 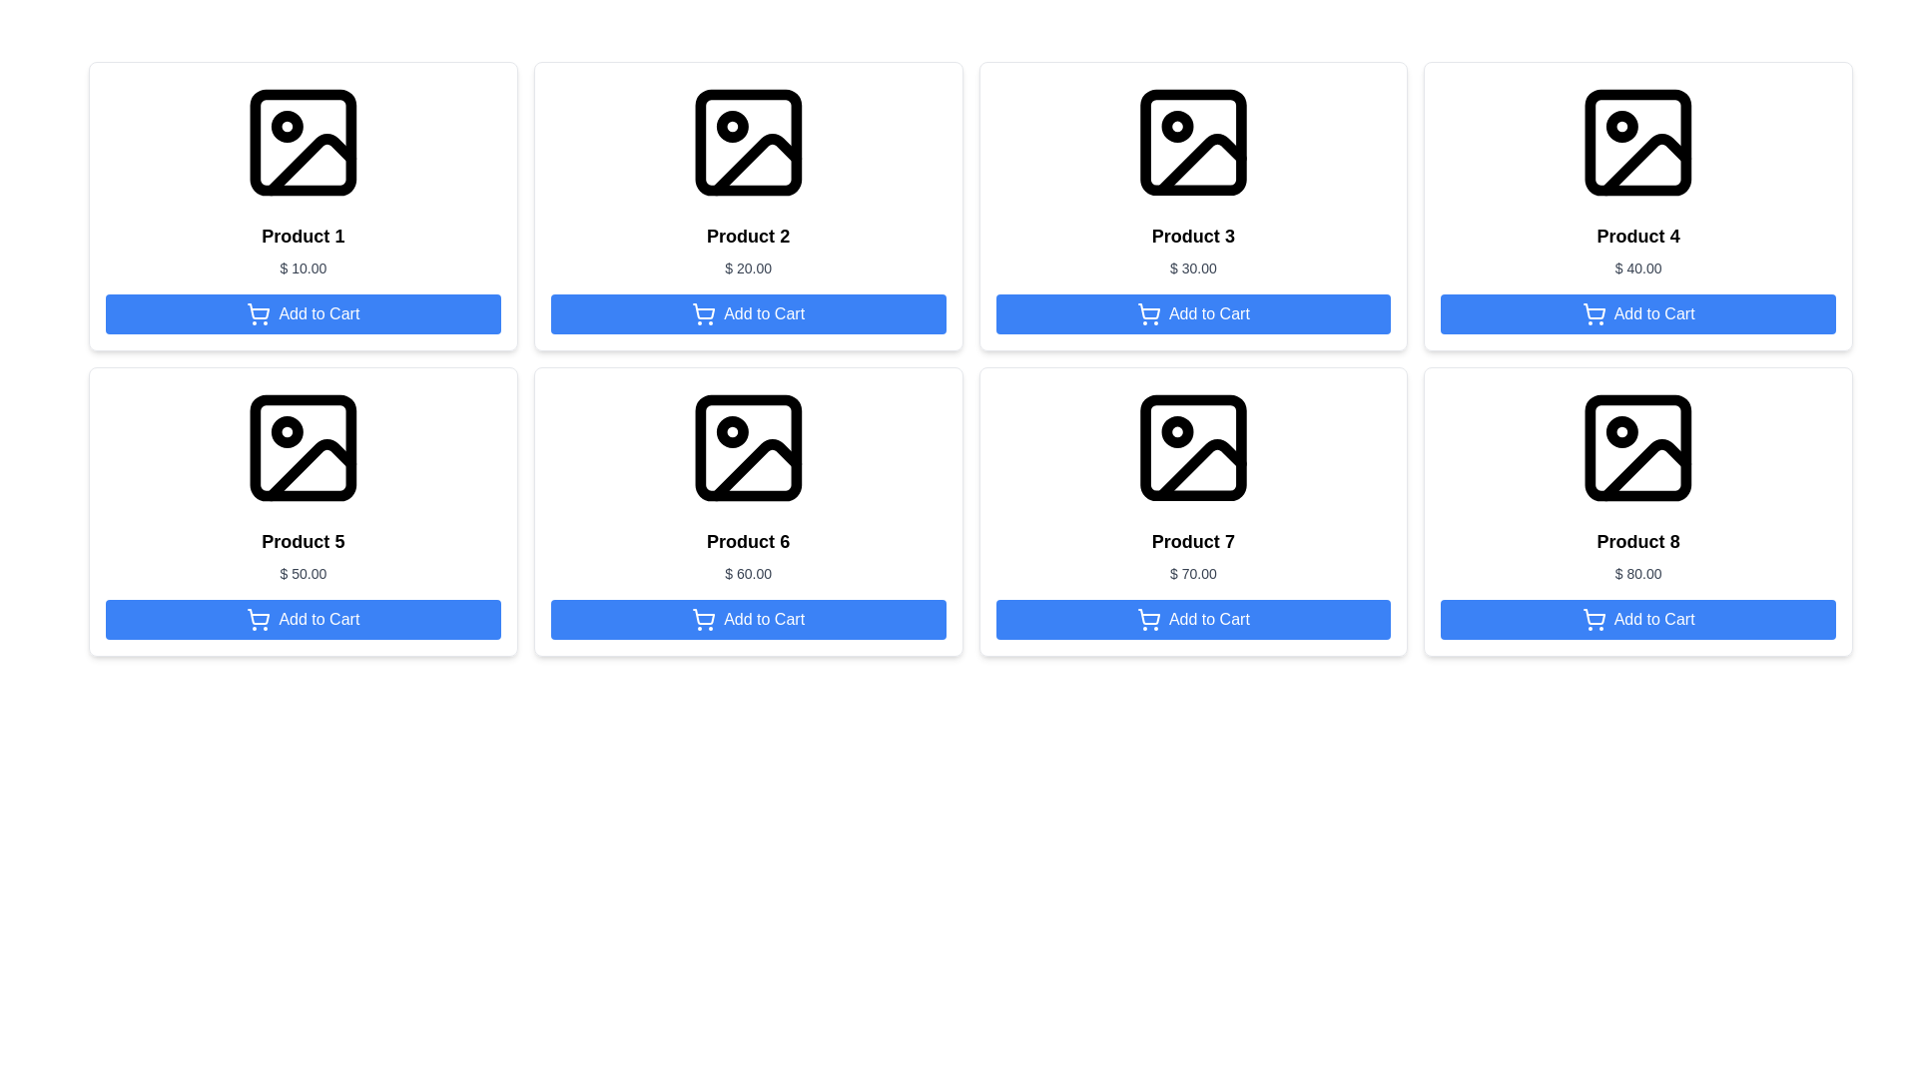 I want to click on the card displaying details about 'Product 4' located in the top-right of the grid layout, which includes an image icon, the title 'Product 4', the price '$ 40.00', and a blue 'Add to Cart' button, so click(x=1638, y=207).